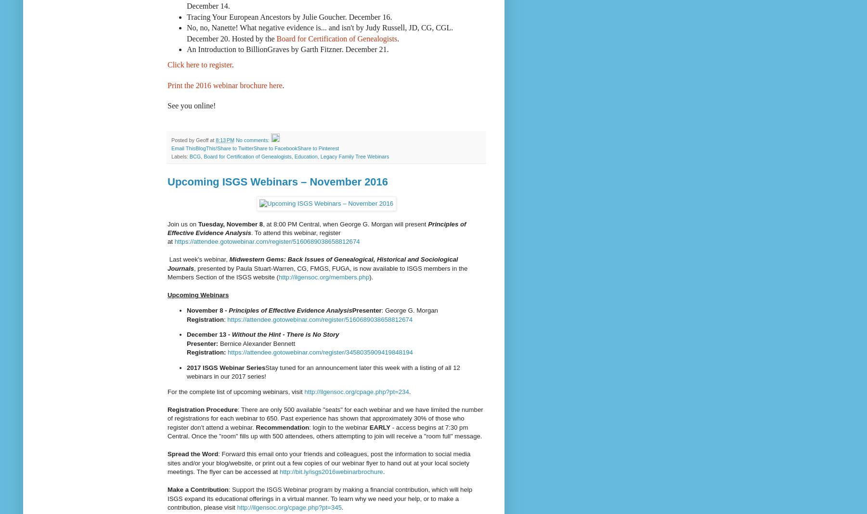 The height and width of the screenshot is (514, 867). What do you see at coordinates (323, 277) in the screenshot?
I see `'http://ilgensoc.org/members.php'` at bounding box center [323, 277].